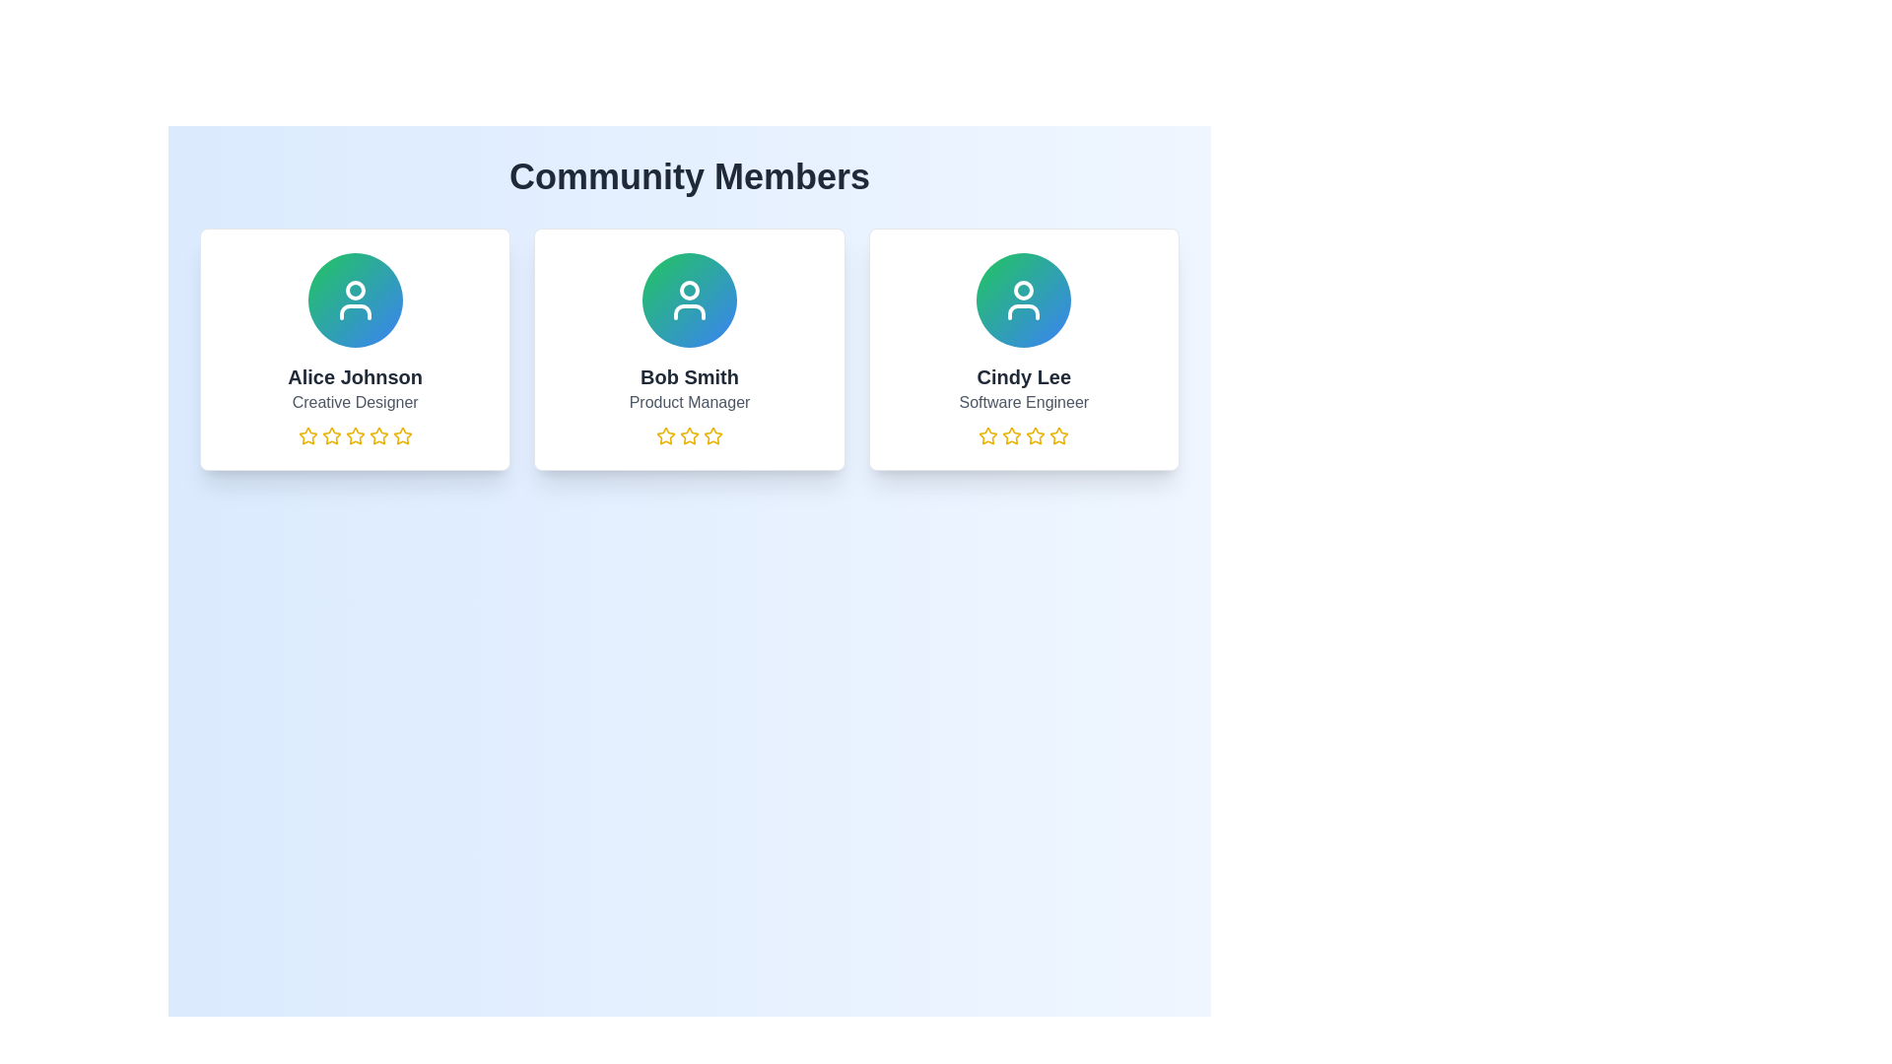 The height and width of the screenshot is (1064, 1892). Describe the element at coordinates (355, 299) in the screenshot. I see `the user profile avatar icon for 'Alice Johnson', which is located at the top center of her user card in the 'Community Members' section` at that location.